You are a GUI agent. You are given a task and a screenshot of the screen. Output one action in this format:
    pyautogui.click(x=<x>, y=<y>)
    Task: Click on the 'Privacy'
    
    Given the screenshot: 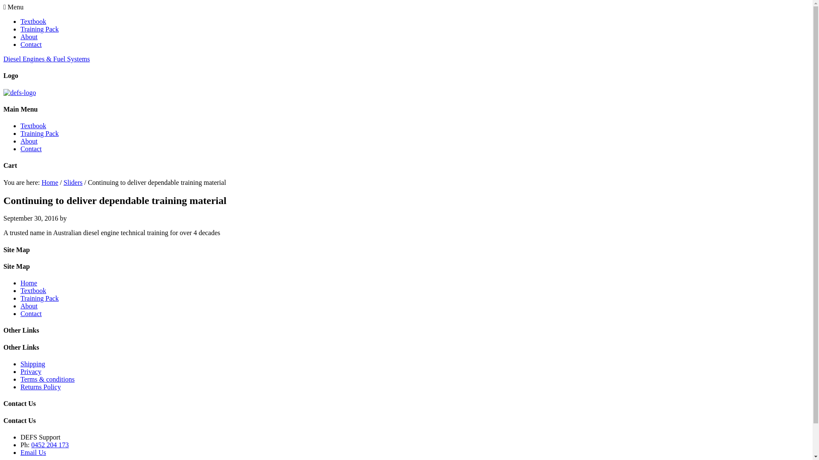 What is the action you would take?
    pyautogui.click(x=31, y=371)
    